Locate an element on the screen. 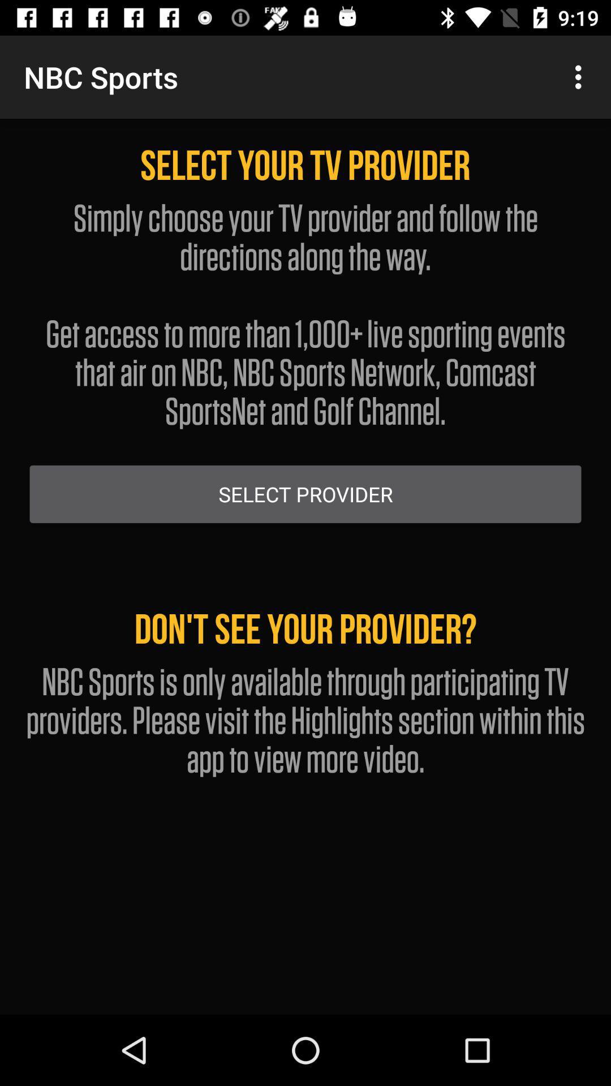 This screenshot has height=1086, width=611. app next to the nbc sports app is located at coordinates (581, 76).